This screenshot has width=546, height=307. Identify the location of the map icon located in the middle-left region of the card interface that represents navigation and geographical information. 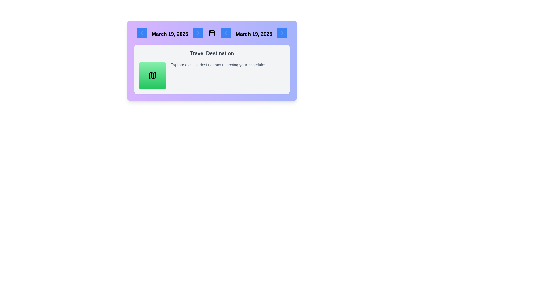
(152, 75).